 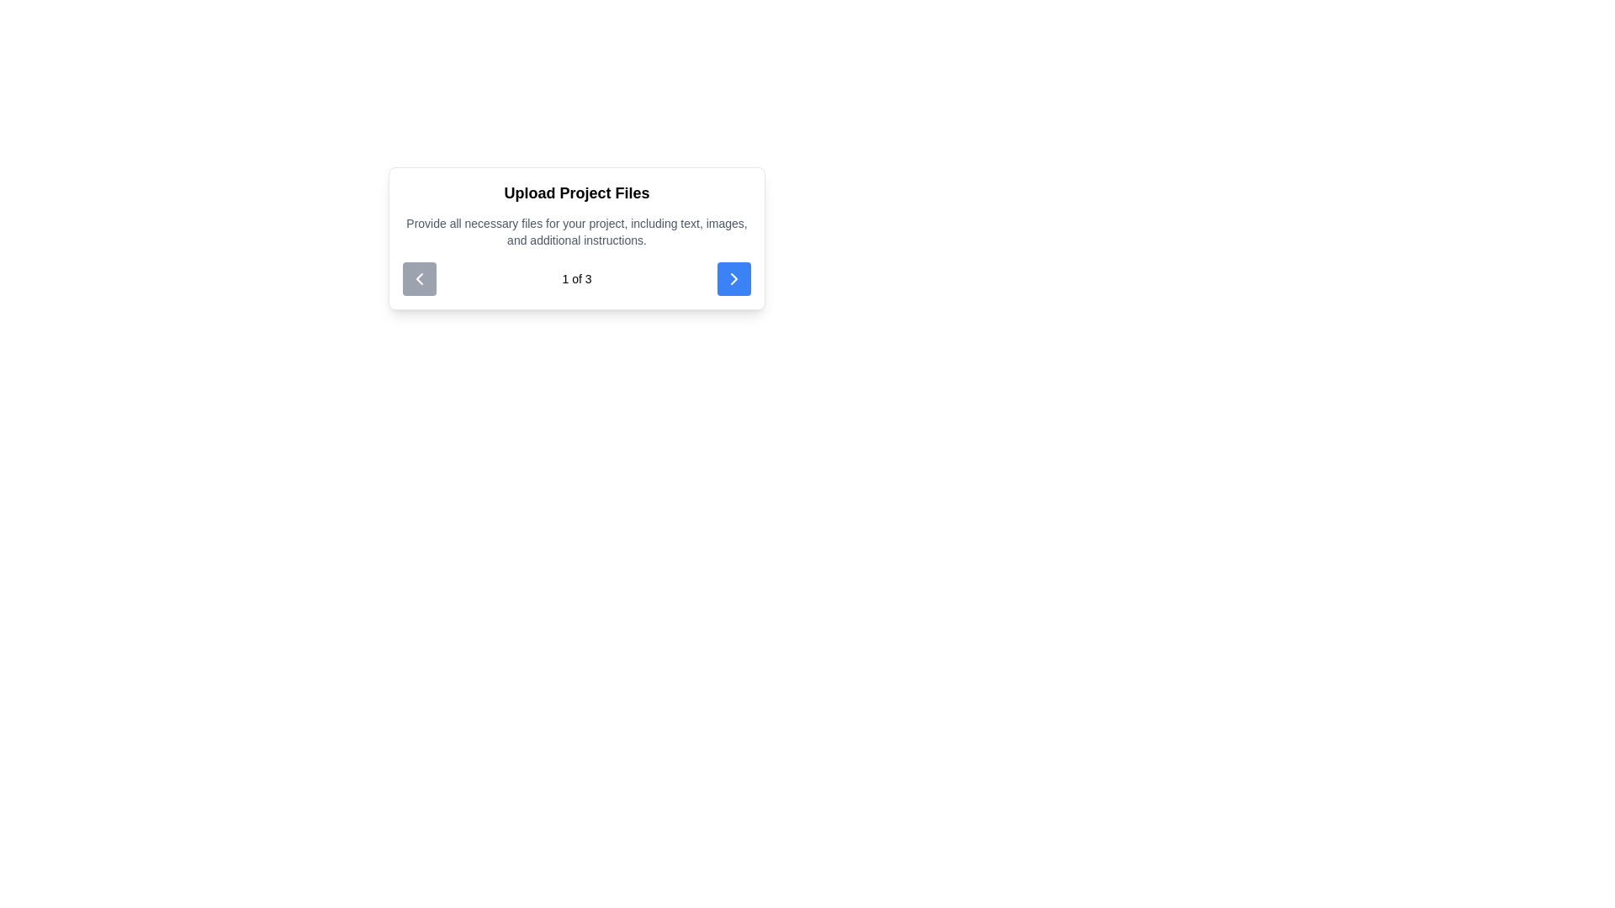 I want to click on the right-pointing arrow icon inside the blue rounded rectangular button located at the bottom-right corner of the card that displays 'Upload Project Files', so click(x=734, y=277).